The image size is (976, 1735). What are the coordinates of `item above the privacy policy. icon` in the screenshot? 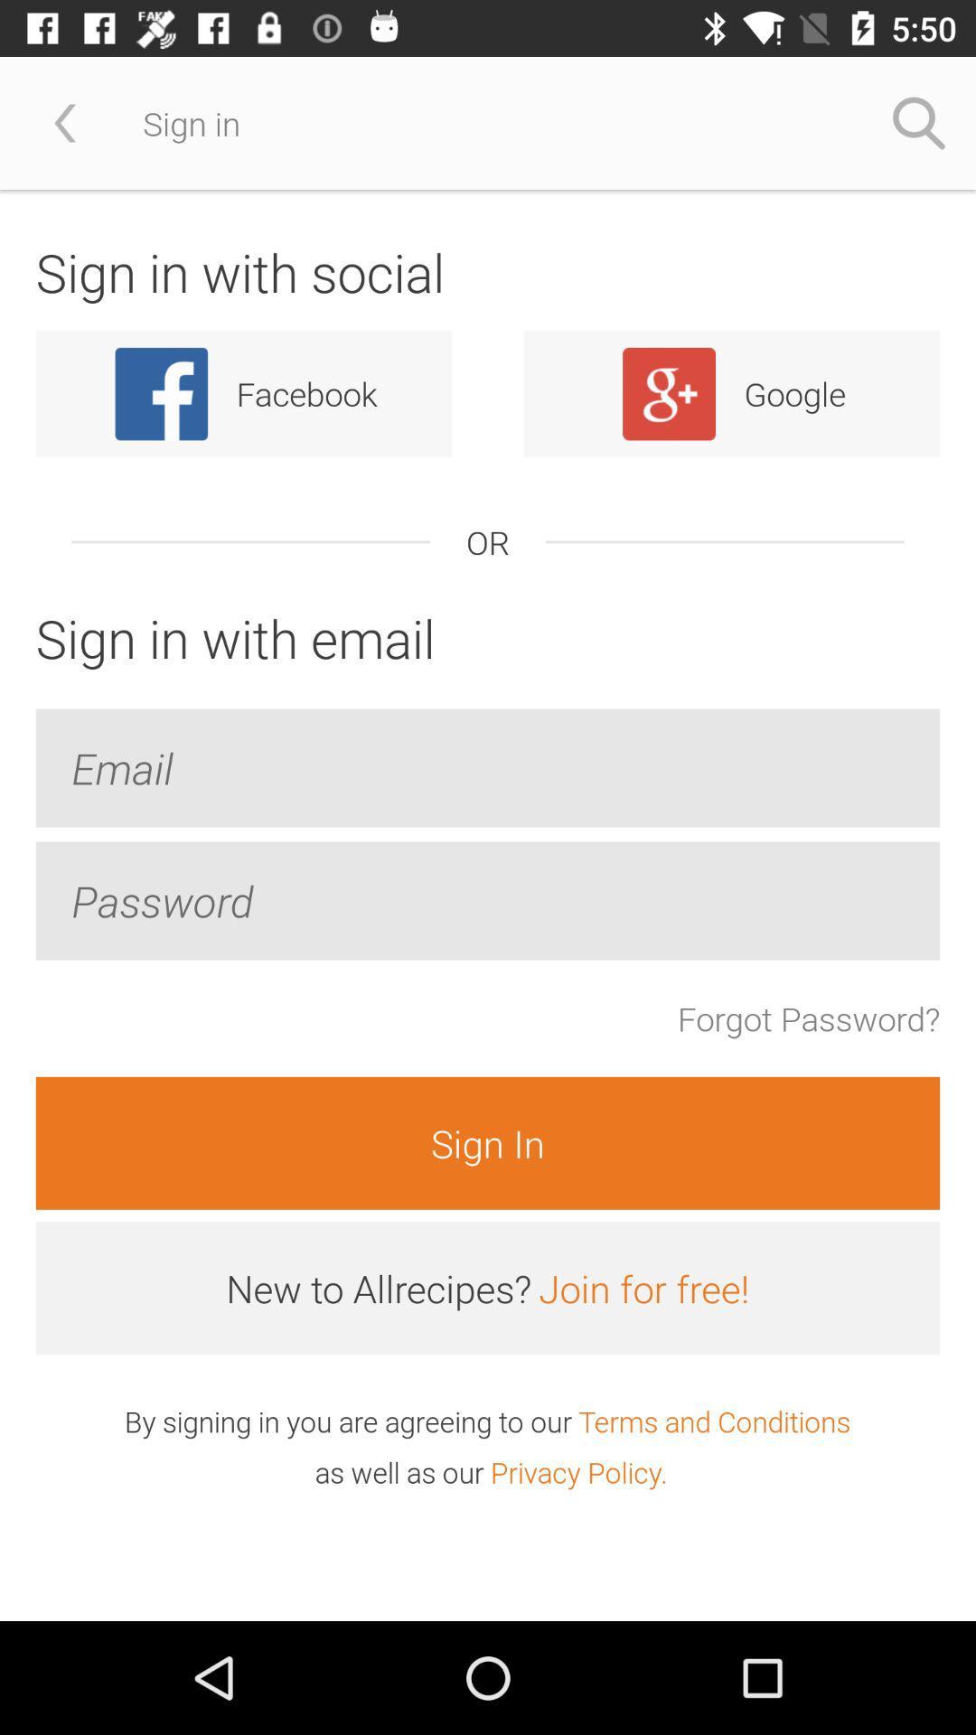 It's located at (713, 1421).